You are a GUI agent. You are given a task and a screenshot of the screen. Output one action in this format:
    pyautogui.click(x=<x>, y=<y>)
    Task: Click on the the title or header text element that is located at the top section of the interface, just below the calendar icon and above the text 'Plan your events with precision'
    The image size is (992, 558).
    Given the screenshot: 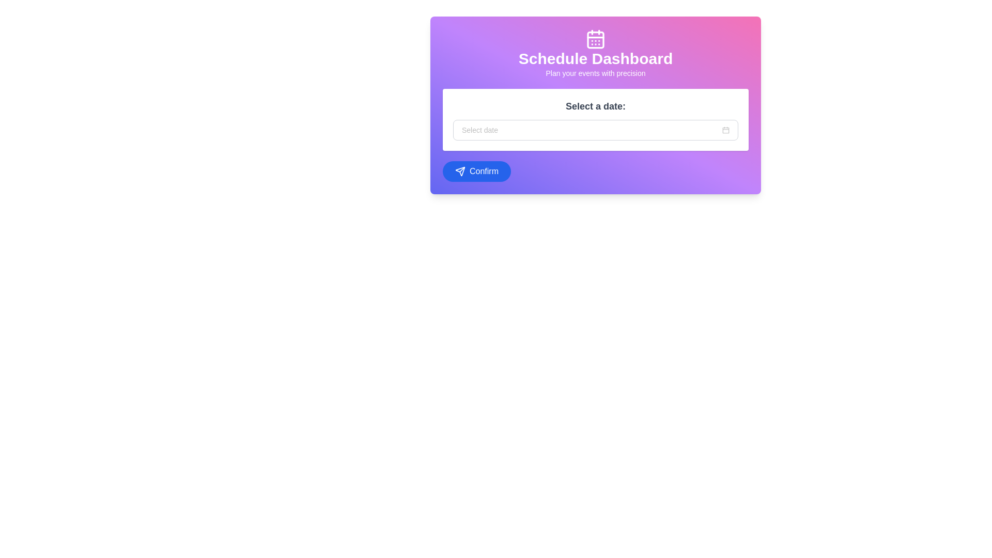 What is the action you would take?
    pyautogui.click(x=595, y=59)
    